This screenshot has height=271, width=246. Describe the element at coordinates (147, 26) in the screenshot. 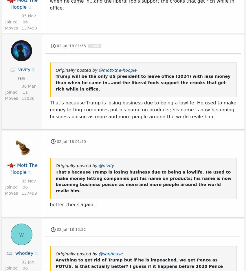

I see `'Android Chess App'` at that location.